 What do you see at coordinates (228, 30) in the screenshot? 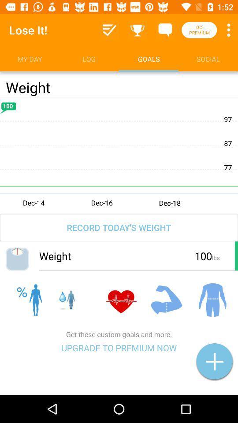
I see `settings` at bounding box center [228, 30].